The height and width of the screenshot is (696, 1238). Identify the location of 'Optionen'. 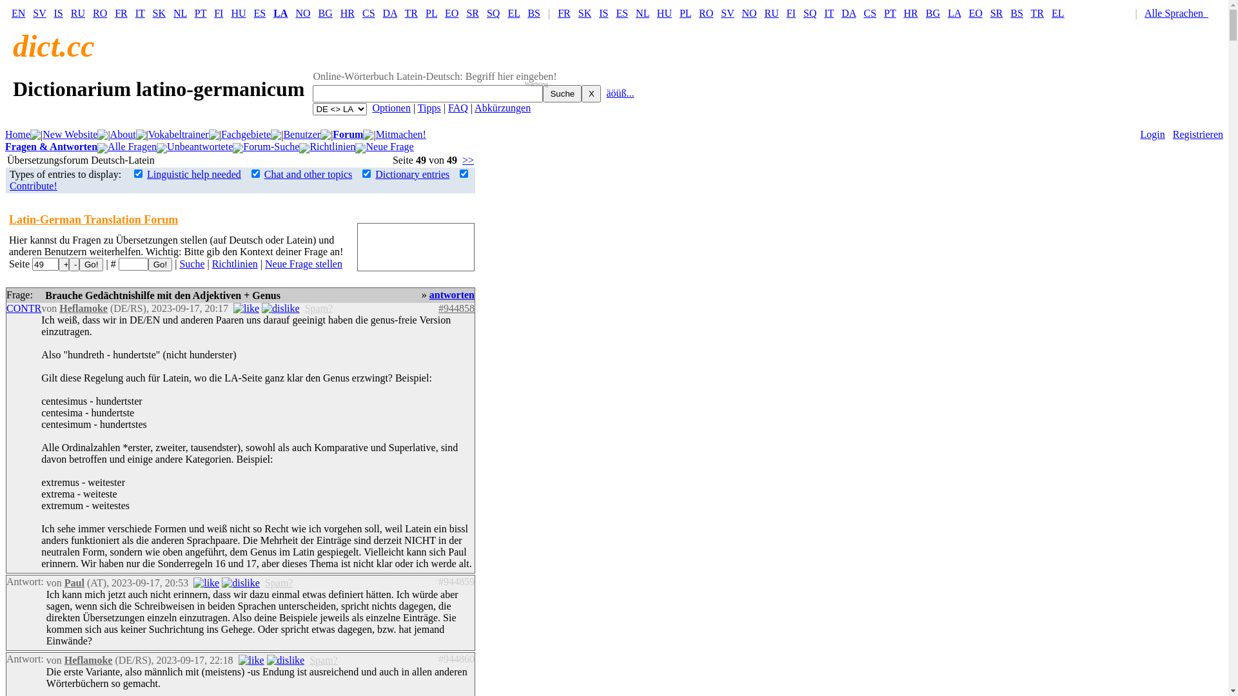
(390, 107).